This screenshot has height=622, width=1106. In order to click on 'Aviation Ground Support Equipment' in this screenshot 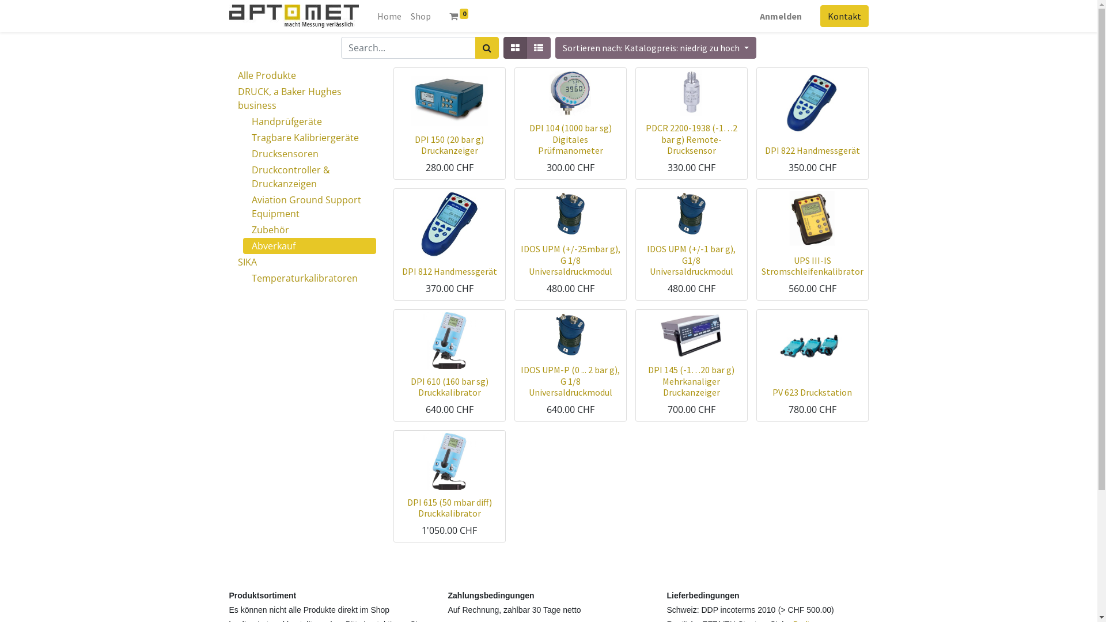, I will do `click(243, 206)`.